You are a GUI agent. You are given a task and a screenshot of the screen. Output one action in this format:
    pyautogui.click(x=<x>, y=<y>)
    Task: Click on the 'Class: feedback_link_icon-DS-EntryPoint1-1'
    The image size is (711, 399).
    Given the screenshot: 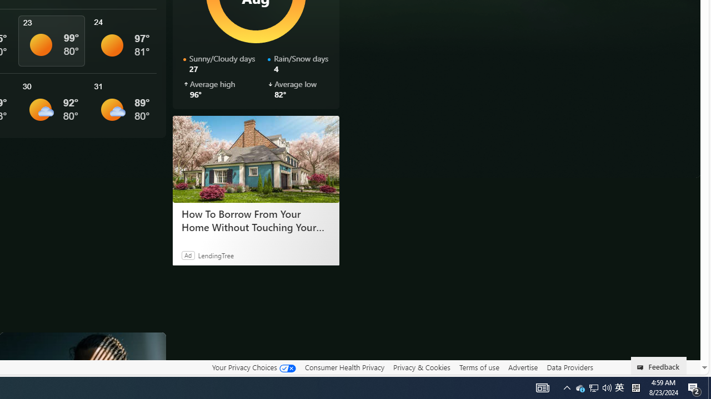 What is the action you would take?
    pyautogui.click(x=642, y=367)
    